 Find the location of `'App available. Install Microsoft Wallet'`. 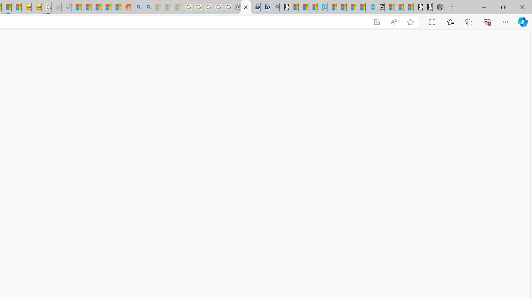

'App available. Install Microsoft Wallet' is located at coordinates (376, 22).